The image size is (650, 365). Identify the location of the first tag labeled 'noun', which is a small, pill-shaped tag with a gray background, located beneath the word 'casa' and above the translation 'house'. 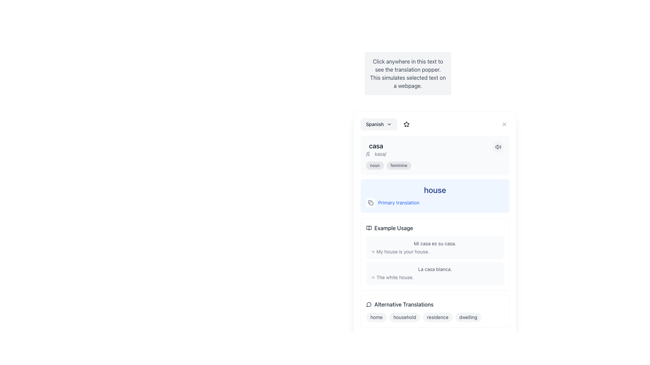
(374, 165).